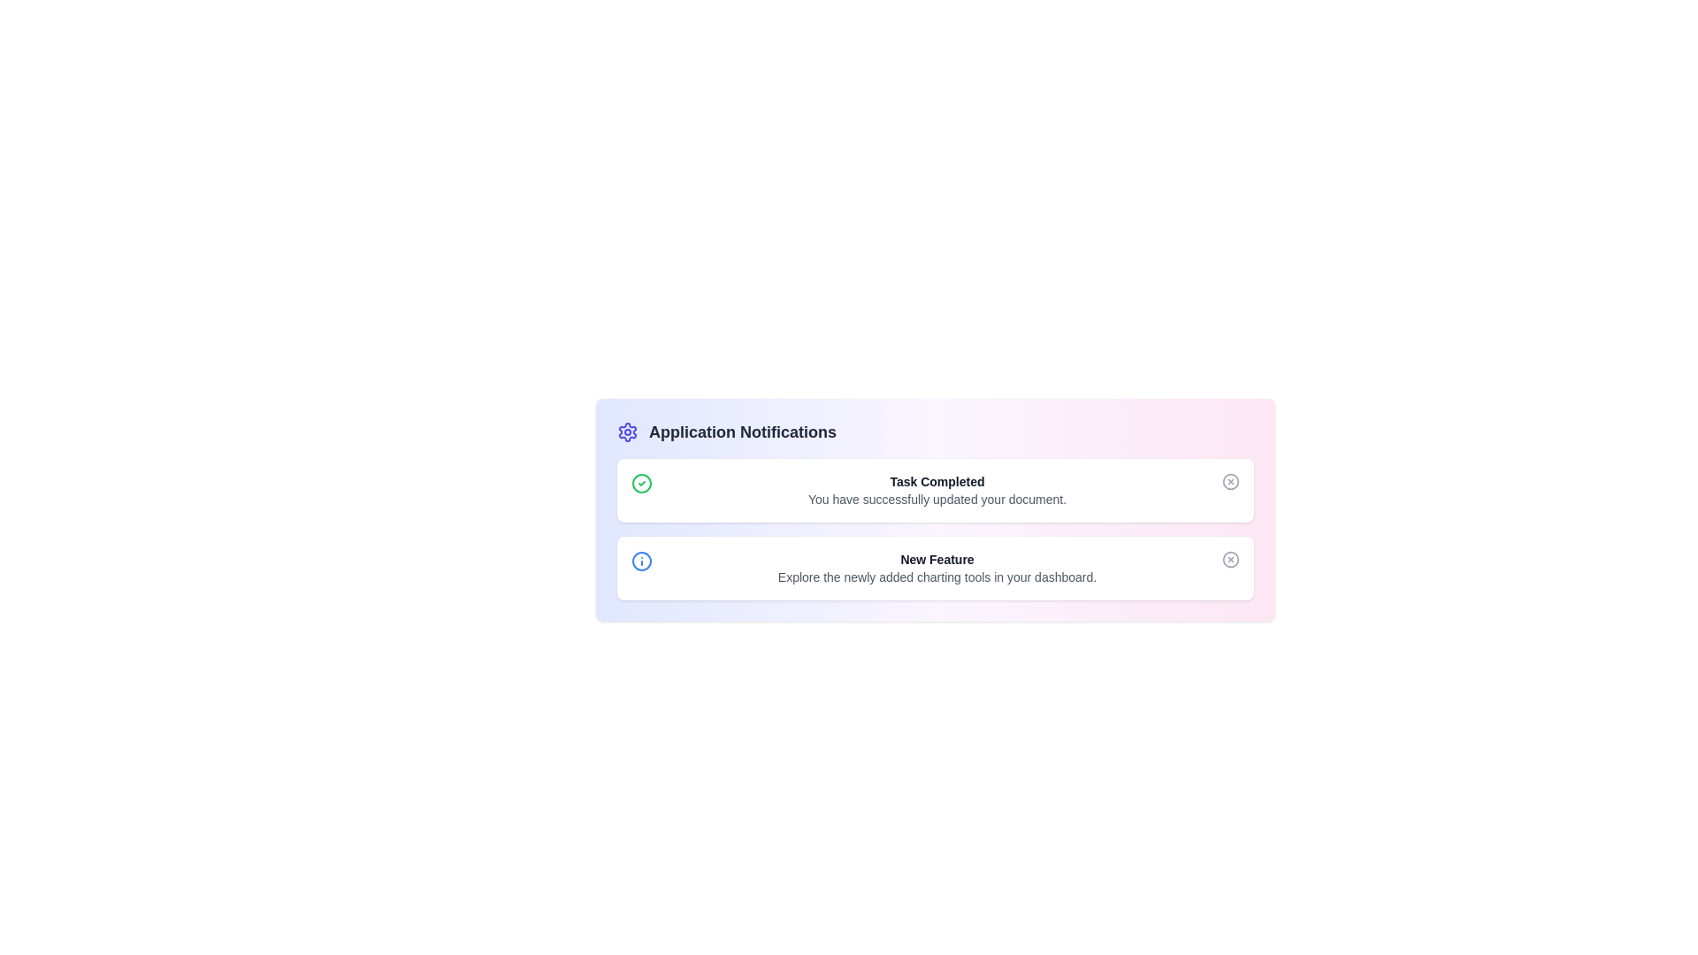 The image size is (1698, 955). Describe the element at coordinates (628, 432) in the screenshot. I see `the settings icon to open the settings menu` at that location.